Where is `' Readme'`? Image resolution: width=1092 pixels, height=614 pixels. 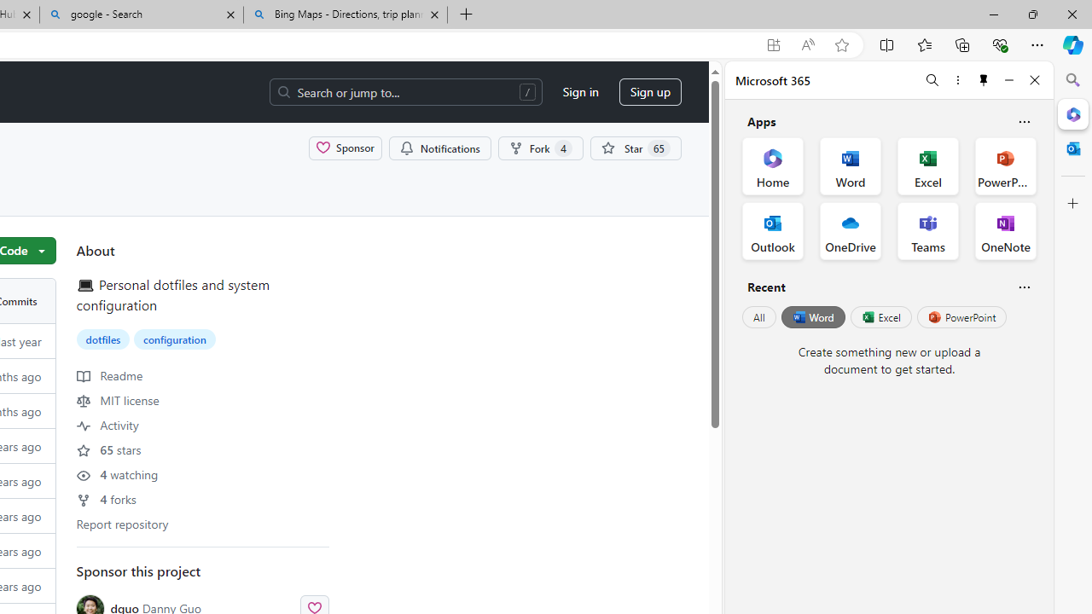 ' Readme' is located at coordinates (108, 374).